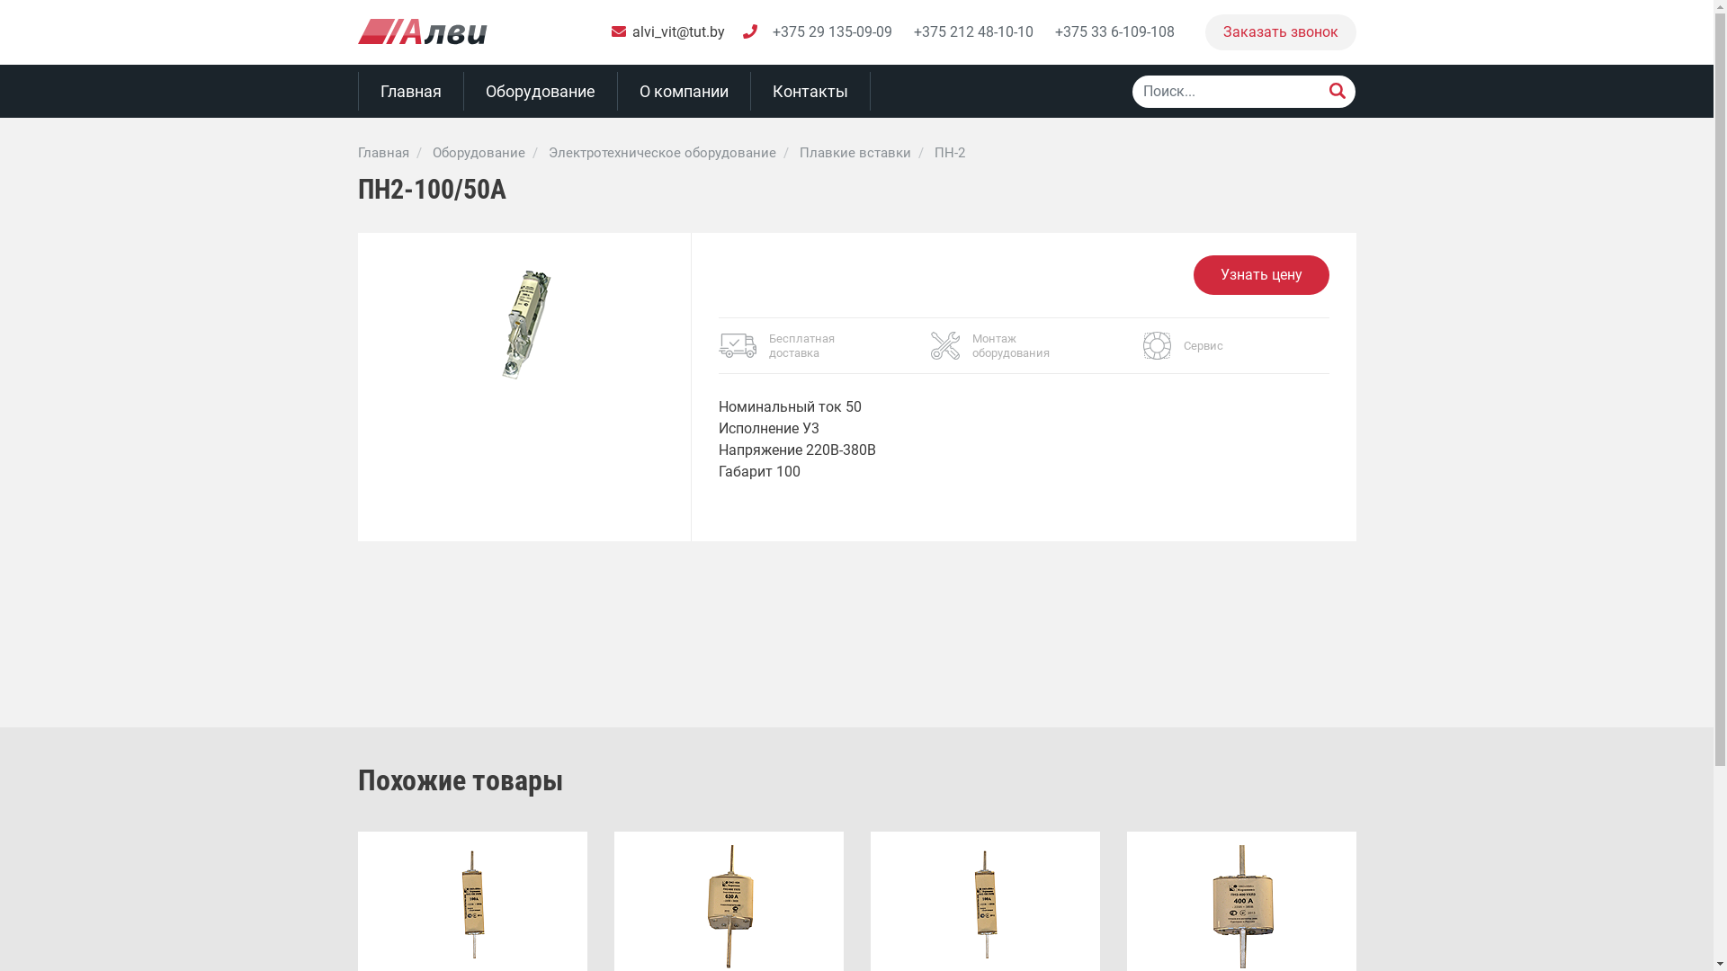 Image resolution: width=1727 pixels, height=971 pixels. What do you see at coordinates (972, 31) in the screenshot?
I see `'+375 212 48-10-10'` at bounding box center [972, 31].